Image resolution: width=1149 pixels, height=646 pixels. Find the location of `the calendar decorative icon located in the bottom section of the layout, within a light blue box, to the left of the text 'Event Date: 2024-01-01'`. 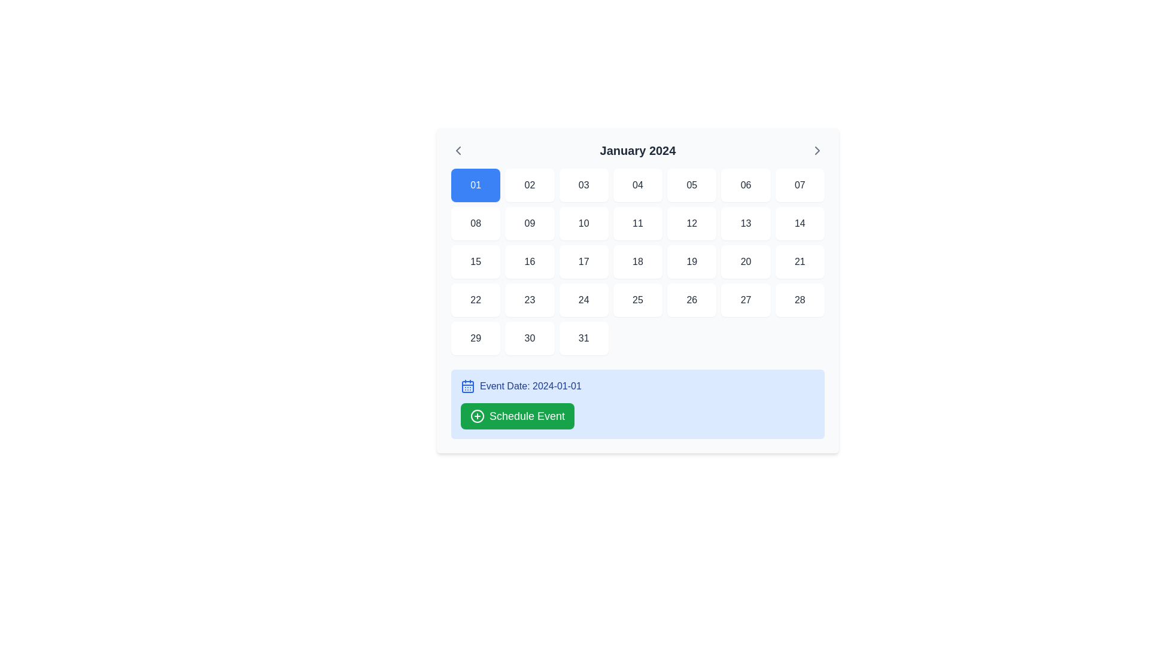

the calendar decorative icon located in the bottom section of the layout, within a light blue box, to the left of the text 'Event Date: 2024-01-01' is located at coordinates (467, 386).